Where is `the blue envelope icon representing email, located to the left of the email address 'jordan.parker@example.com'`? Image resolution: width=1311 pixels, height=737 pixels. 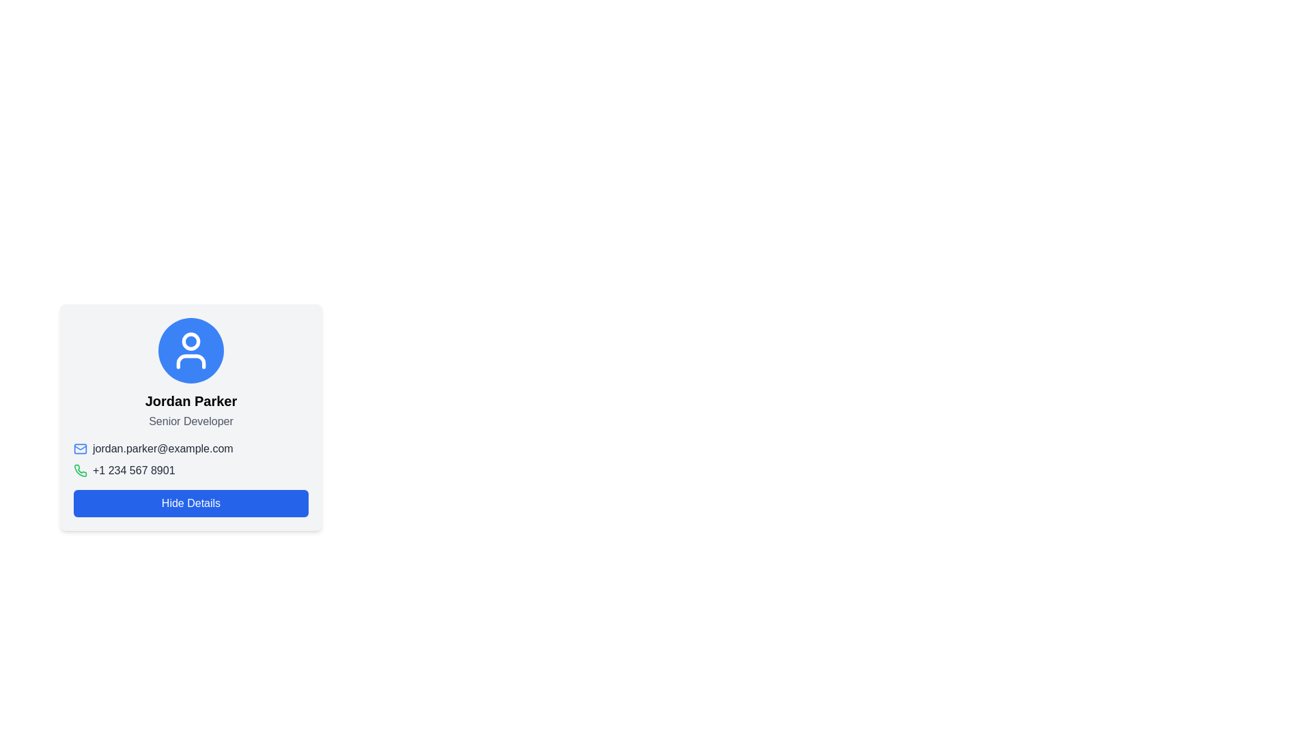
the blue envelope icon representing email, located to the left of the email address 'jordan.parker@example.com' is located at coordinates (80, 449).